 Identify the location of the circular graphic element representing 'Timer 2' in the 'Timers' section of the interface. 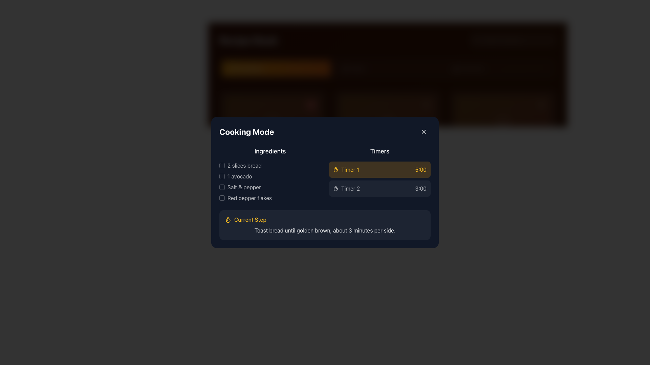
(336, 189).